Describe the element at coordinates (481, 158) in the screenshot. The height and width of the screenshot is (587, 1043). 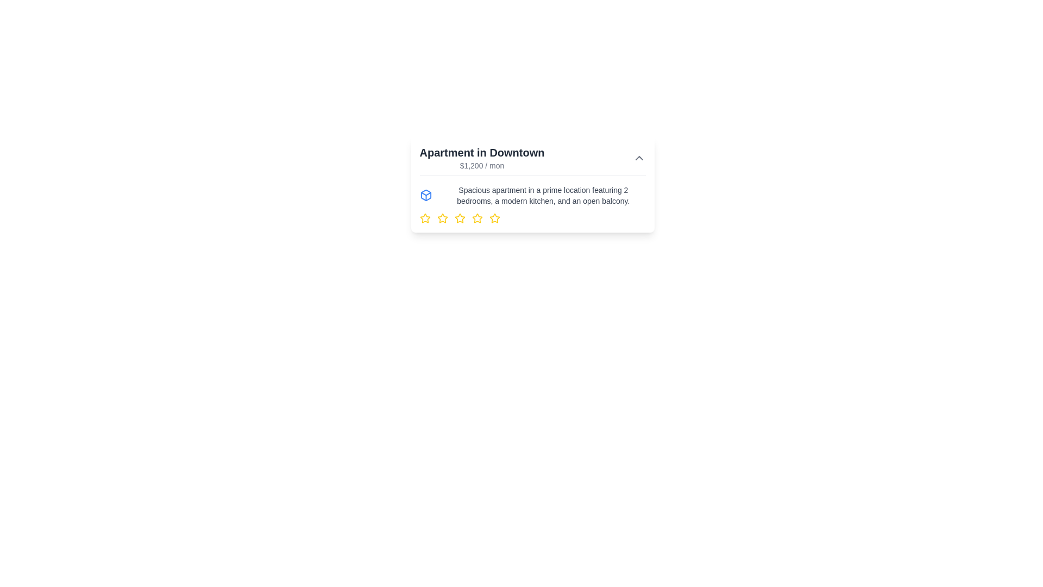
I see `the text block that provides details about a property listing, including its title and price per month` at that location.